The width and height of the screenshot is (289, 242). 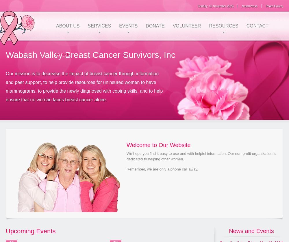 What do you see at coordinates (6, 73) in the screenshot?
I see `'Our mission is to decrease the impact of breast cancer through information'` at bounding box center [6, 73].